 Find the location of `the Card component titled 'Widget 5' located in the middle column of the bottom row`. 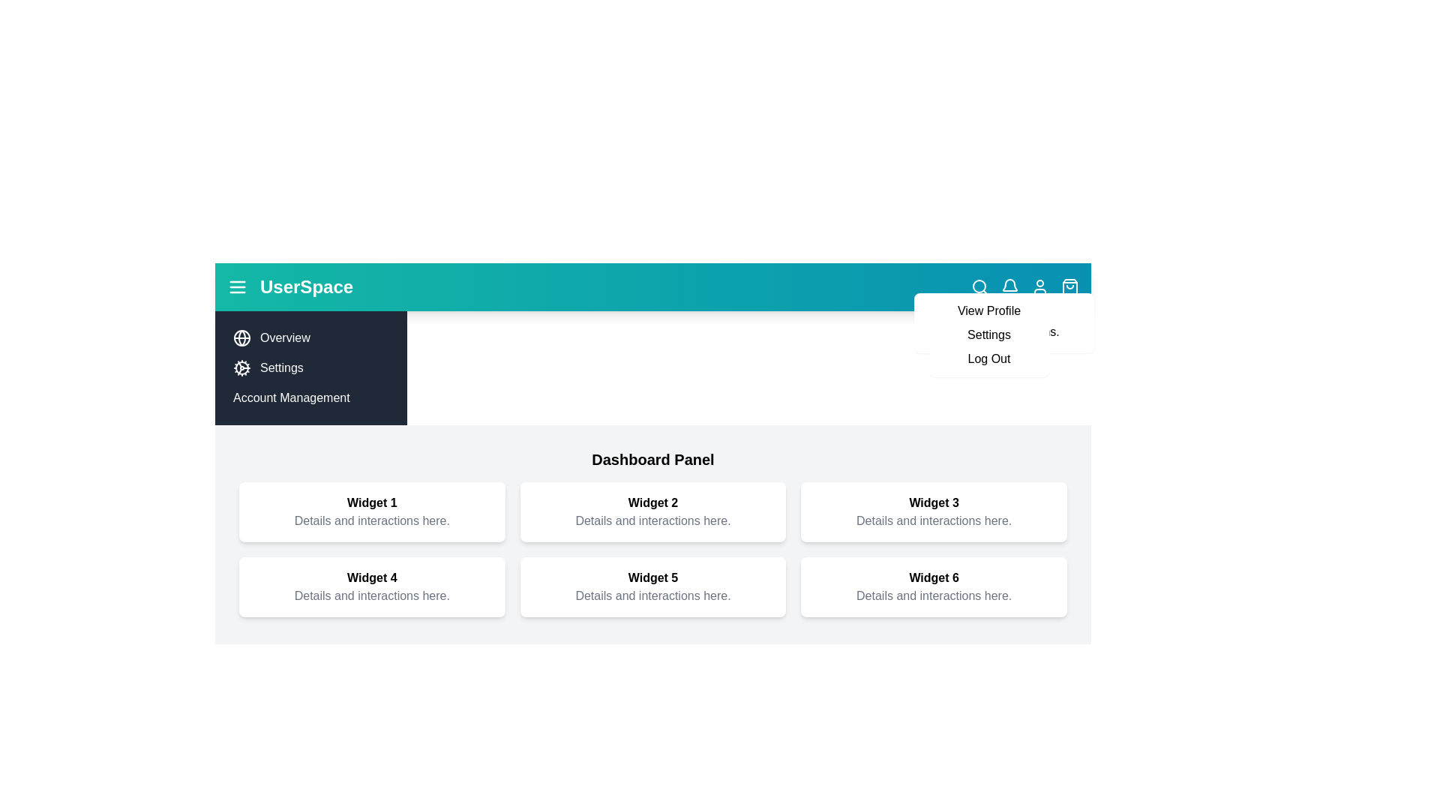

the Card component titled 'Widget 5' located in the middle column of the bottom row is located at coordinates (652, 586).